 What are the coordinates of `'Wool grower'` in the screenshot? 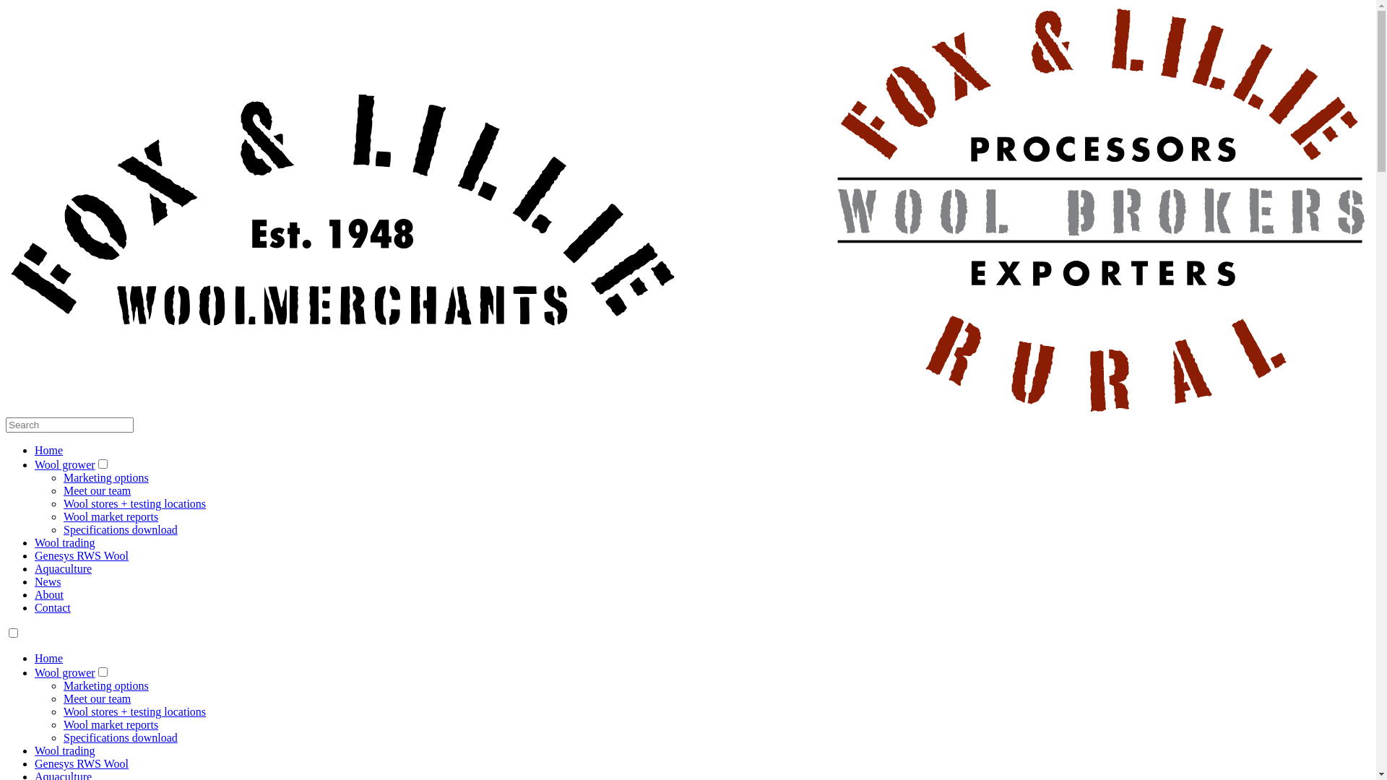 It's located at (64, 464).